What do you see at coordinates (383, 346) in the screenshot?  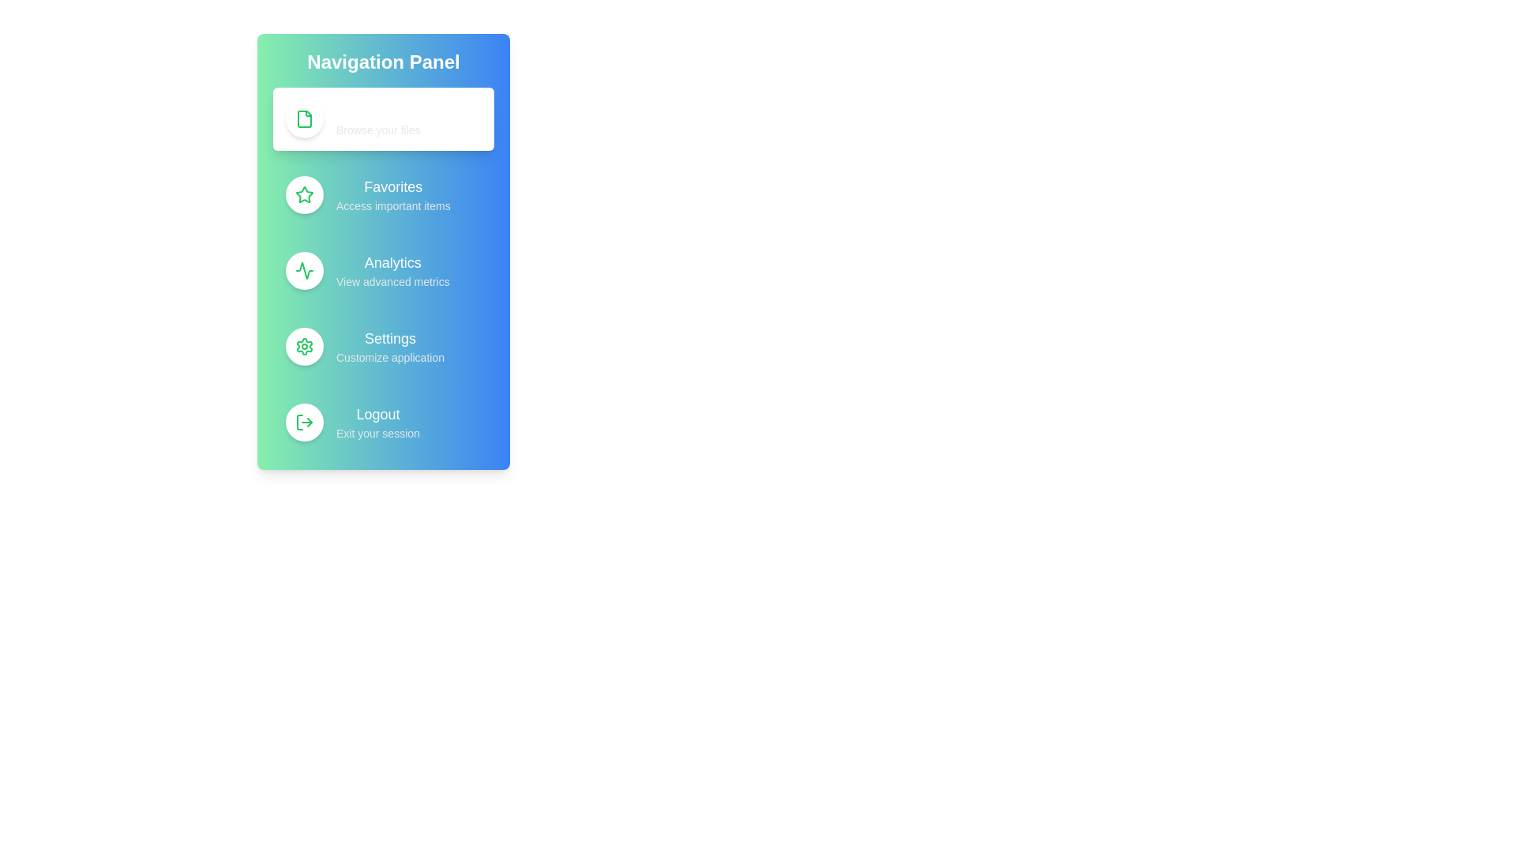 I see `the menu option Settings from the navigation menu` at bounding box center [383, 346].